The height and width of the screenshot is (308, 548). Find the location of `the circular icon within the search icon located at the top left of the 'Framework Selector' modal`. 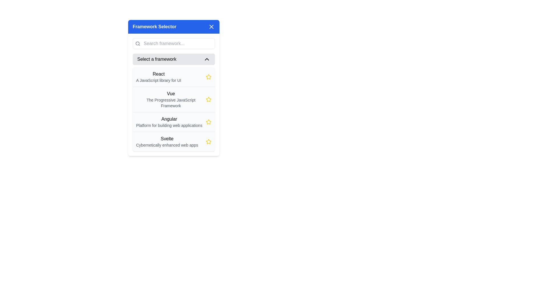

the circular icon within the search icon located at the top left of the 'Framework Selector' modal is located at coordinates (138, 43).